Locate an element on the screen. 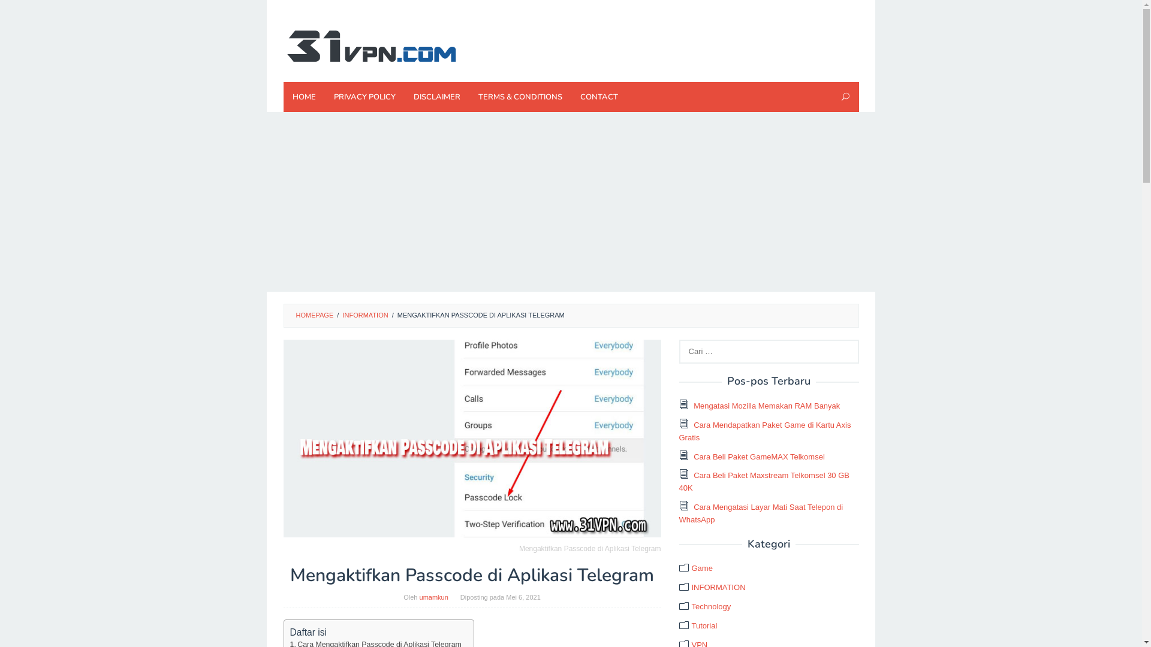  'PRIVACY POLICY' is located at coordinates (364, 96).